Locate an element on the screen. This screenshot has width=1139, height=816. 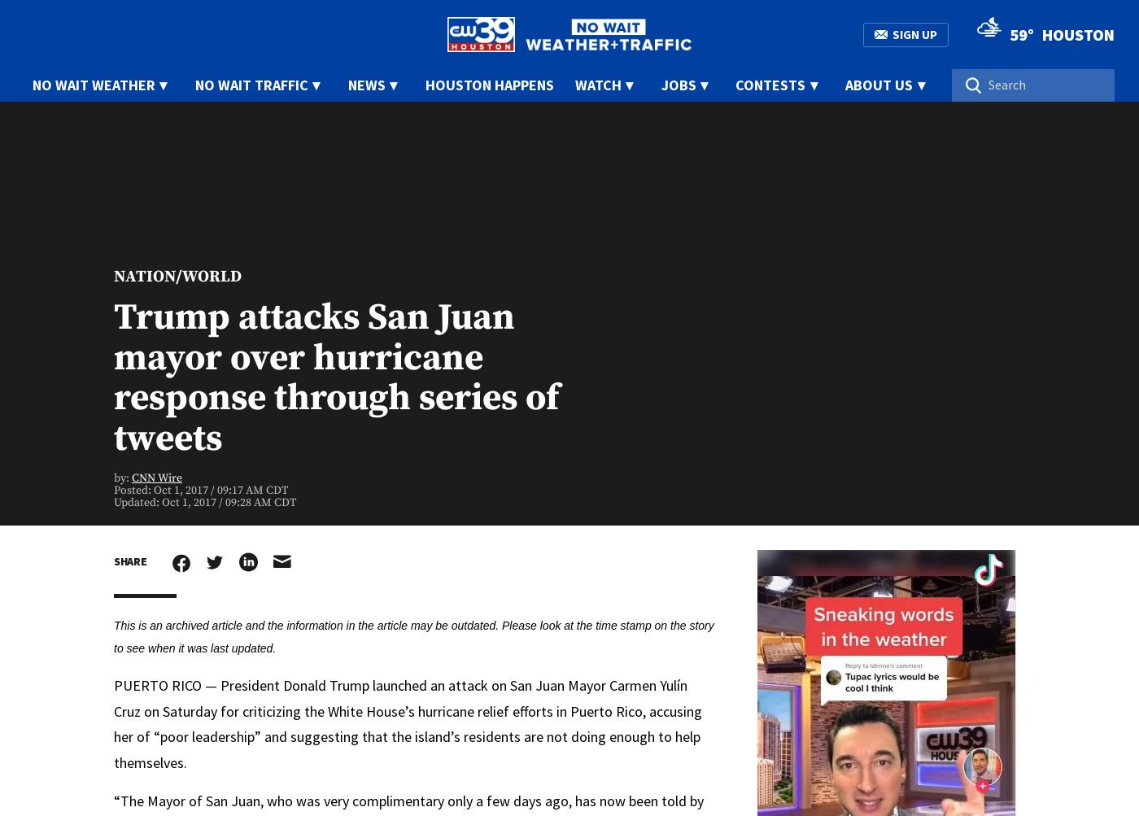
'NO WAIT TRAFFIC Stories' is located at coordinates (134, 373).